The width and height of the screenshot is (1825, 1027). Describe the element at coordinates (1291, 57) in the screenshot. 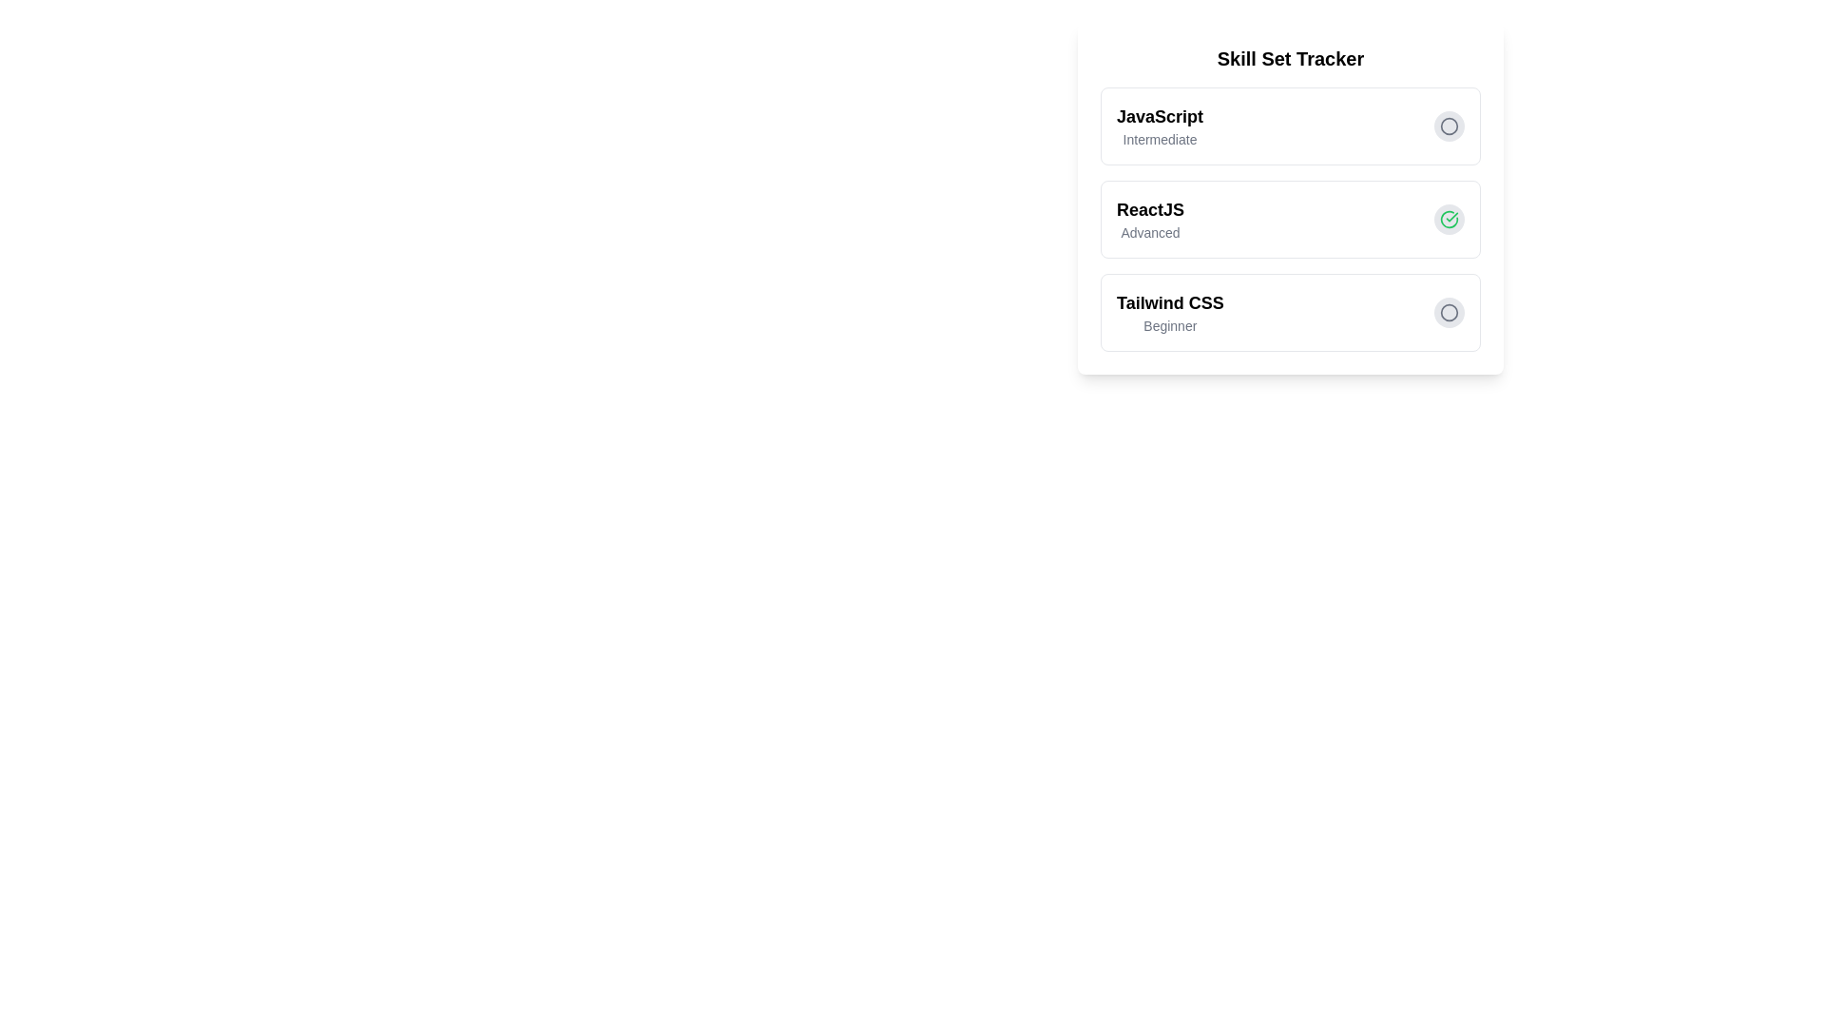

I see `the header text displaying 'Skill Set Tracker', which is the top-most element in a white card-like structure` at that location.